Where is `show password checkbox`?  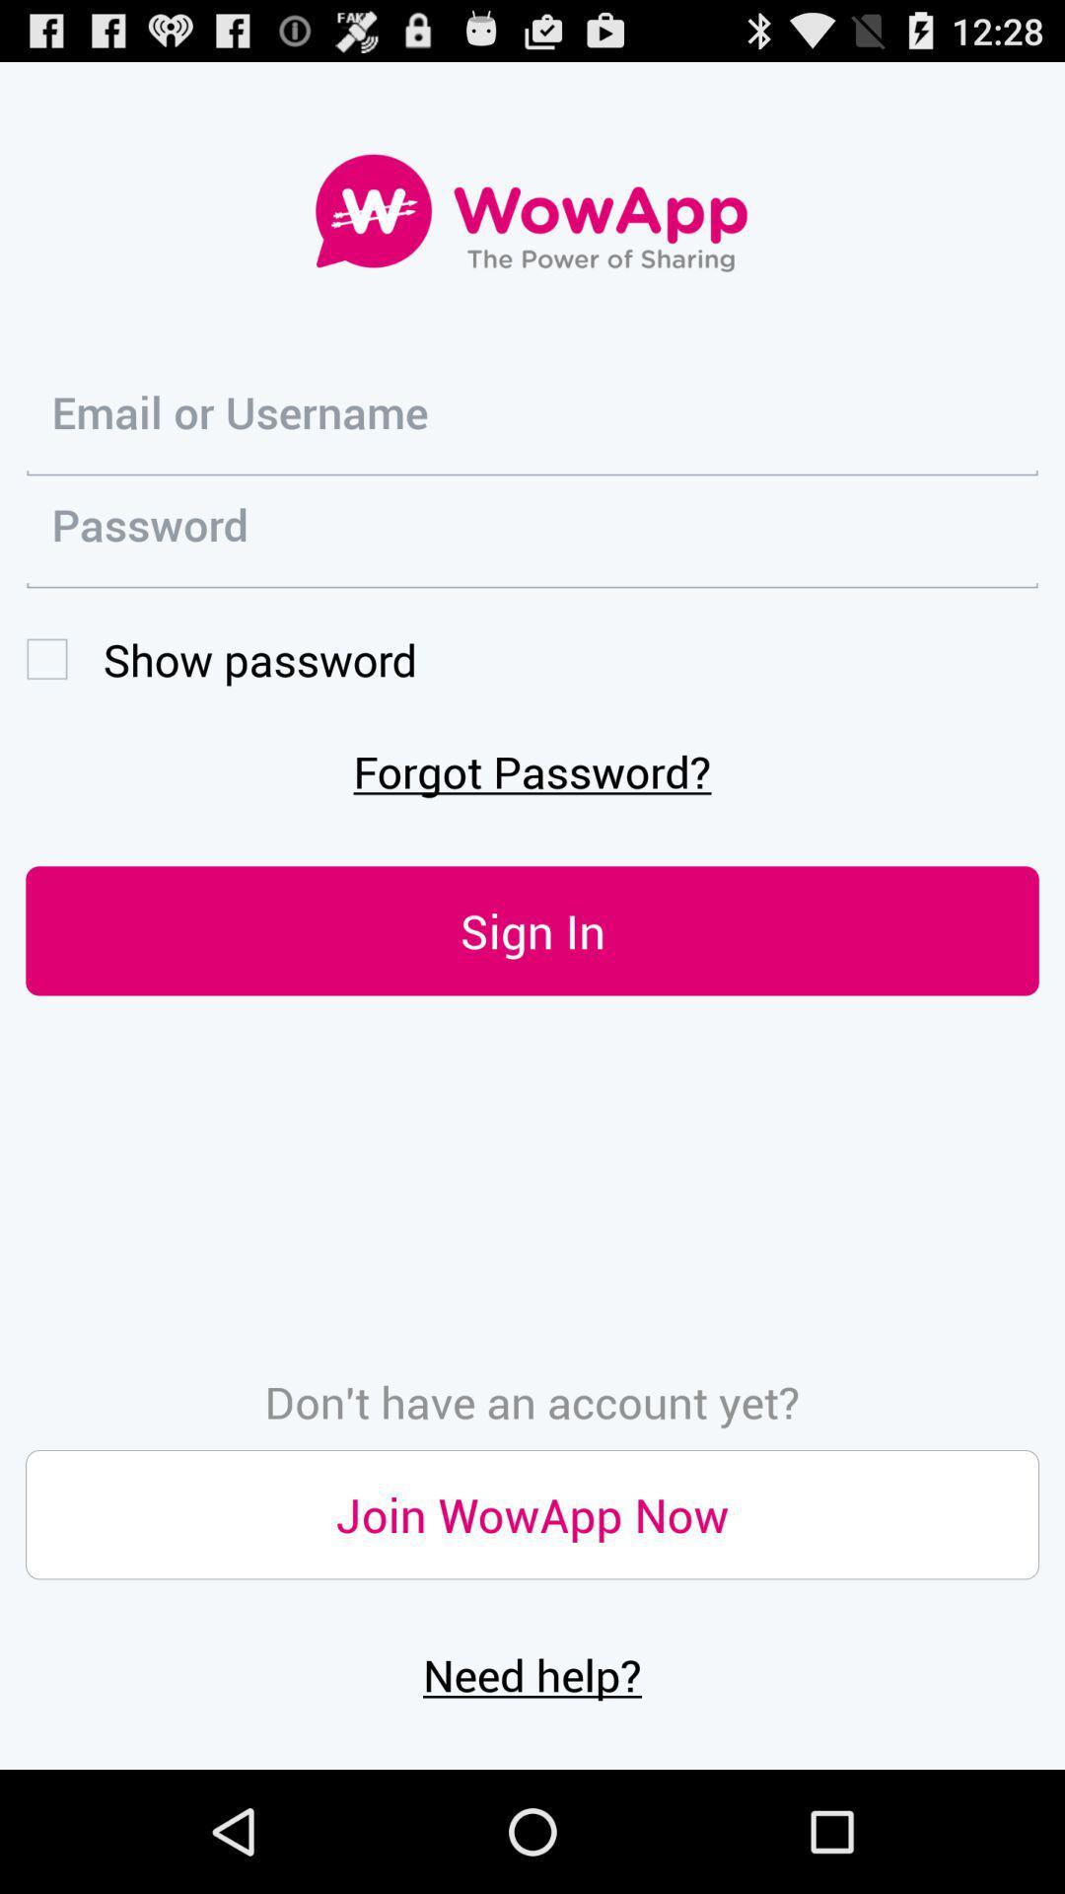
show password checkbox is located at coordinates (221, 659).